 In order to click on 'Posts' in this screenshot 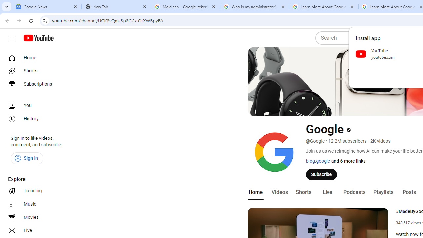, I will do `click(409, 192)`.